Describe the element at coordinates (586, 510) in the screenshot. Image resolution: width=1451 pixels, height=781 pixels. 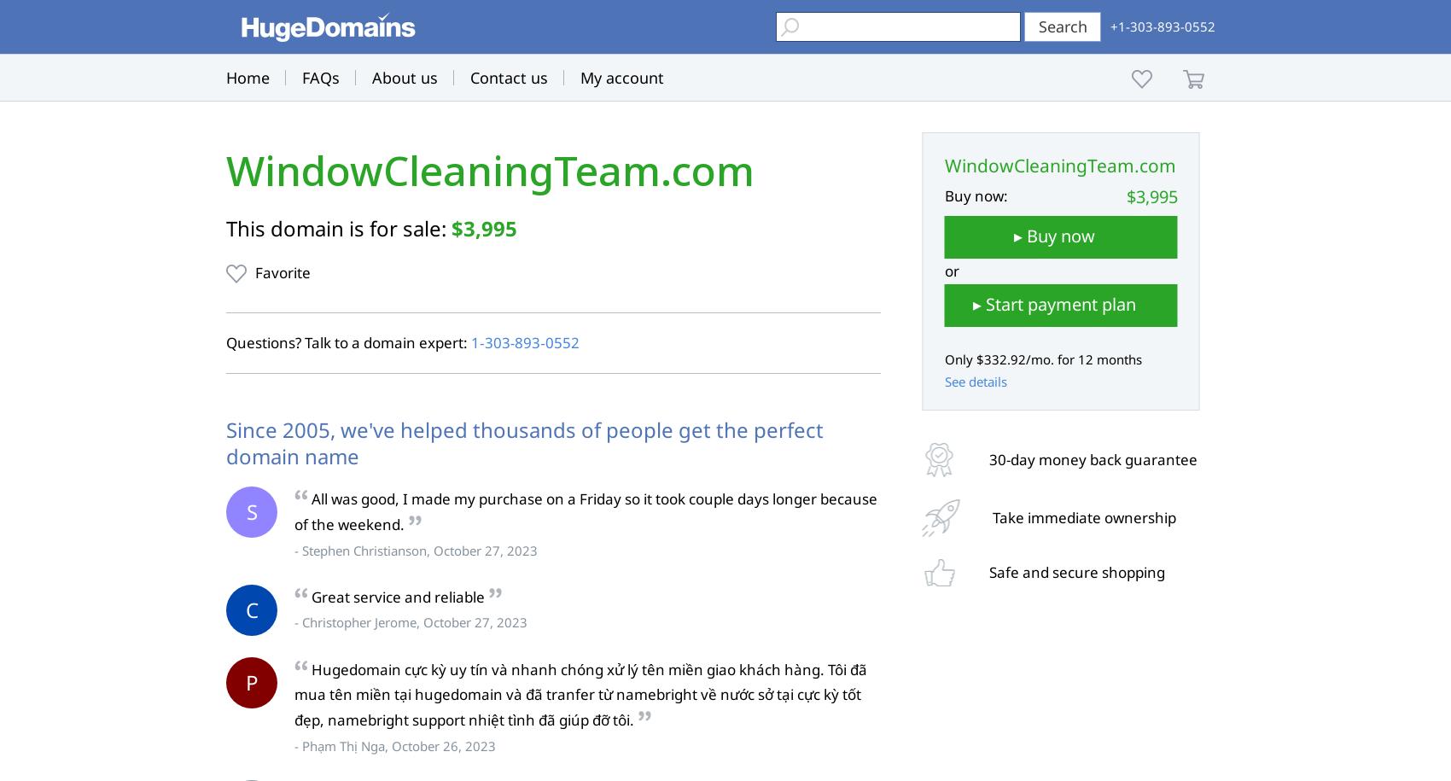
I see `'All was good, I made my purchase on a Friday so it took couple days longer because of the weekend.'` at that location.